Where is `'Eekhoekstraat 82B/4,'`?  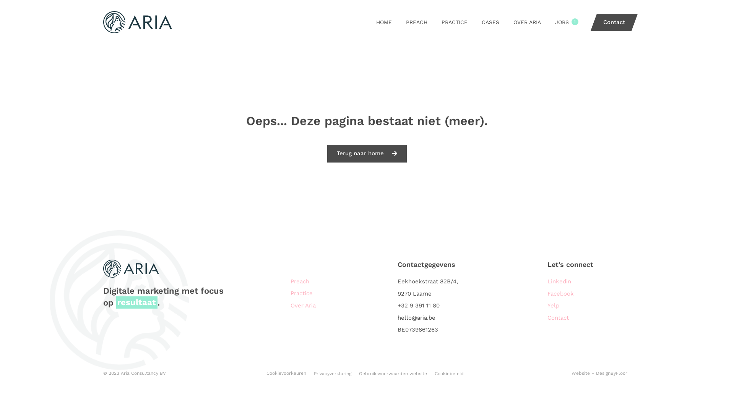 'Eekhoekstraat 82B/4,' is located at coordinates (398, 281).